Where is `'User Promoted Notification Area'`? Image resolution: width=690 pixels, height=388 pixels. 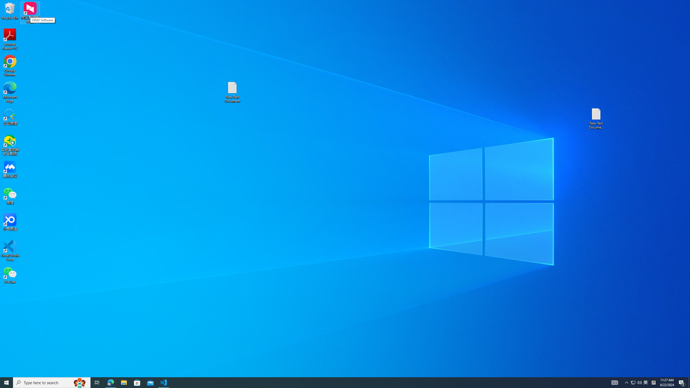 'User Promoted Notification Area' is located at coordinates (636, 382).